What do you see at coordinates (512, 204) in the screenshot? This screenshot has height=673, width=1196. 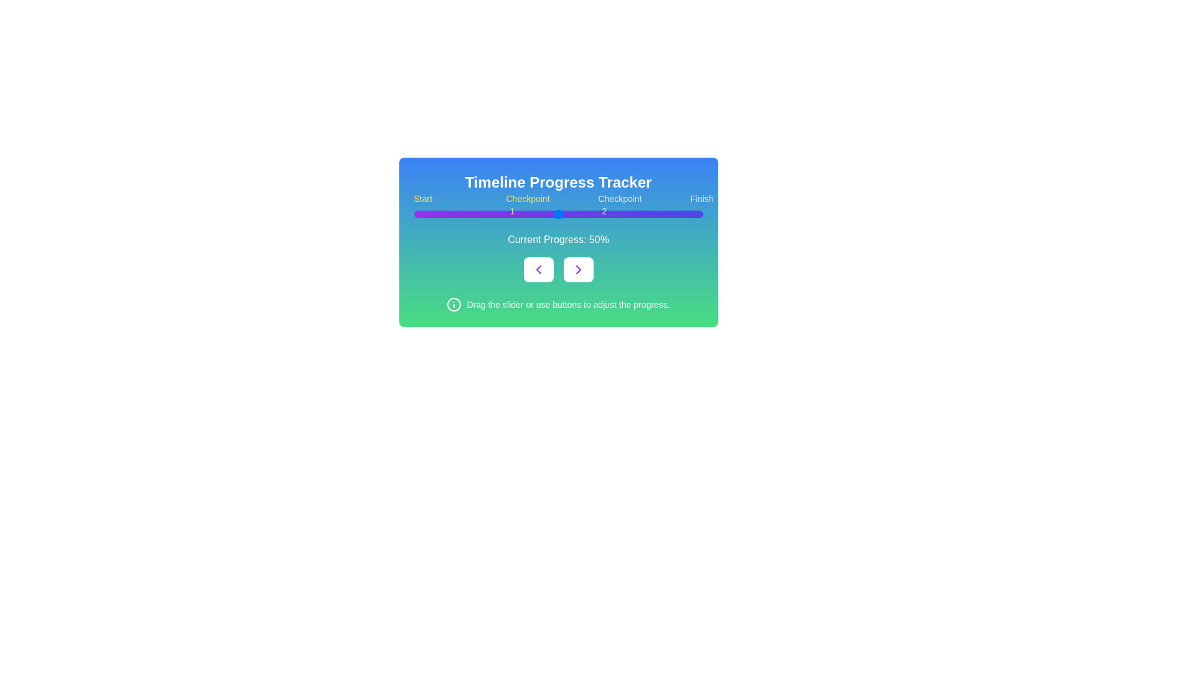 I see `the Informational Label displaying the text 'Checkpoint 1', which is centrally aligned on a blue background with yellow text, positioned between 'Start' and 'Checkpoint 2'` at bounding box center [512, 204].